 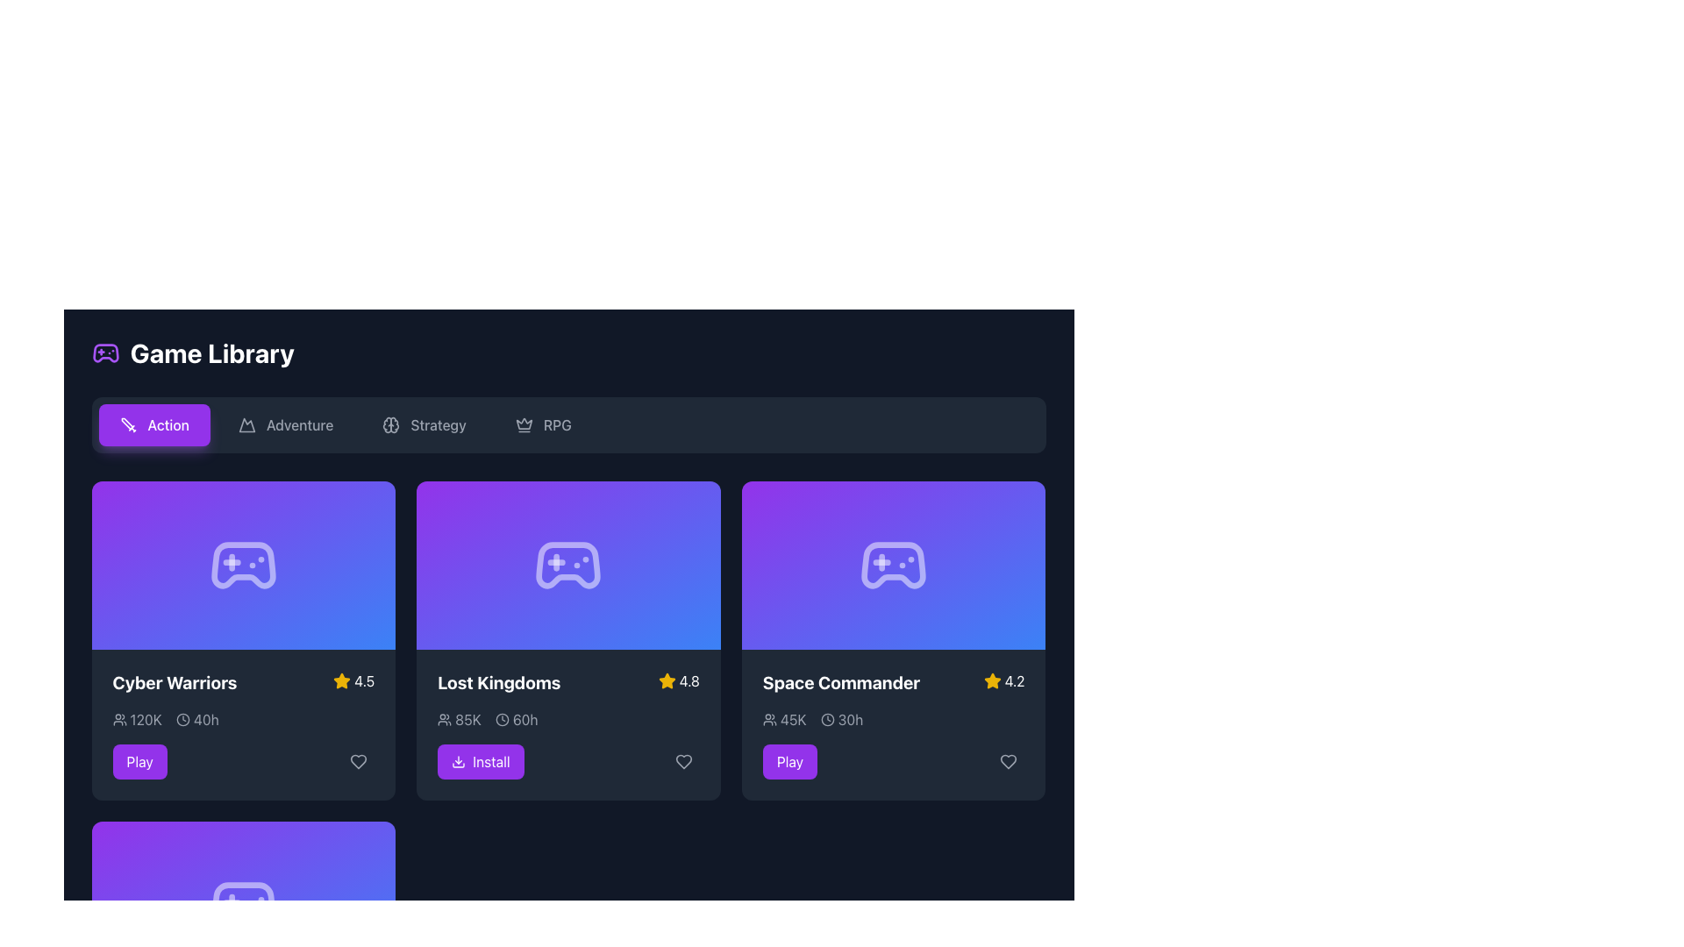 What do you see at coordinates (363, 680) in the screenshot?
I see `value of the text label displaying '4.5', which is styled in white color and positioned beside a yellow star icon, located near the top right corner of the card for 'Cyber Warriors'` at bounding box center [363, 680].